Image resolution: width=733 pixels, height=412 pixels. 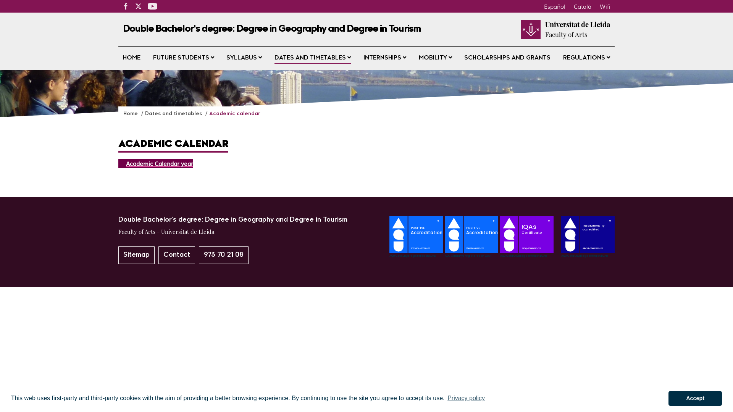 I want to click on 'MOBILITY', so click(x=435, y=58).